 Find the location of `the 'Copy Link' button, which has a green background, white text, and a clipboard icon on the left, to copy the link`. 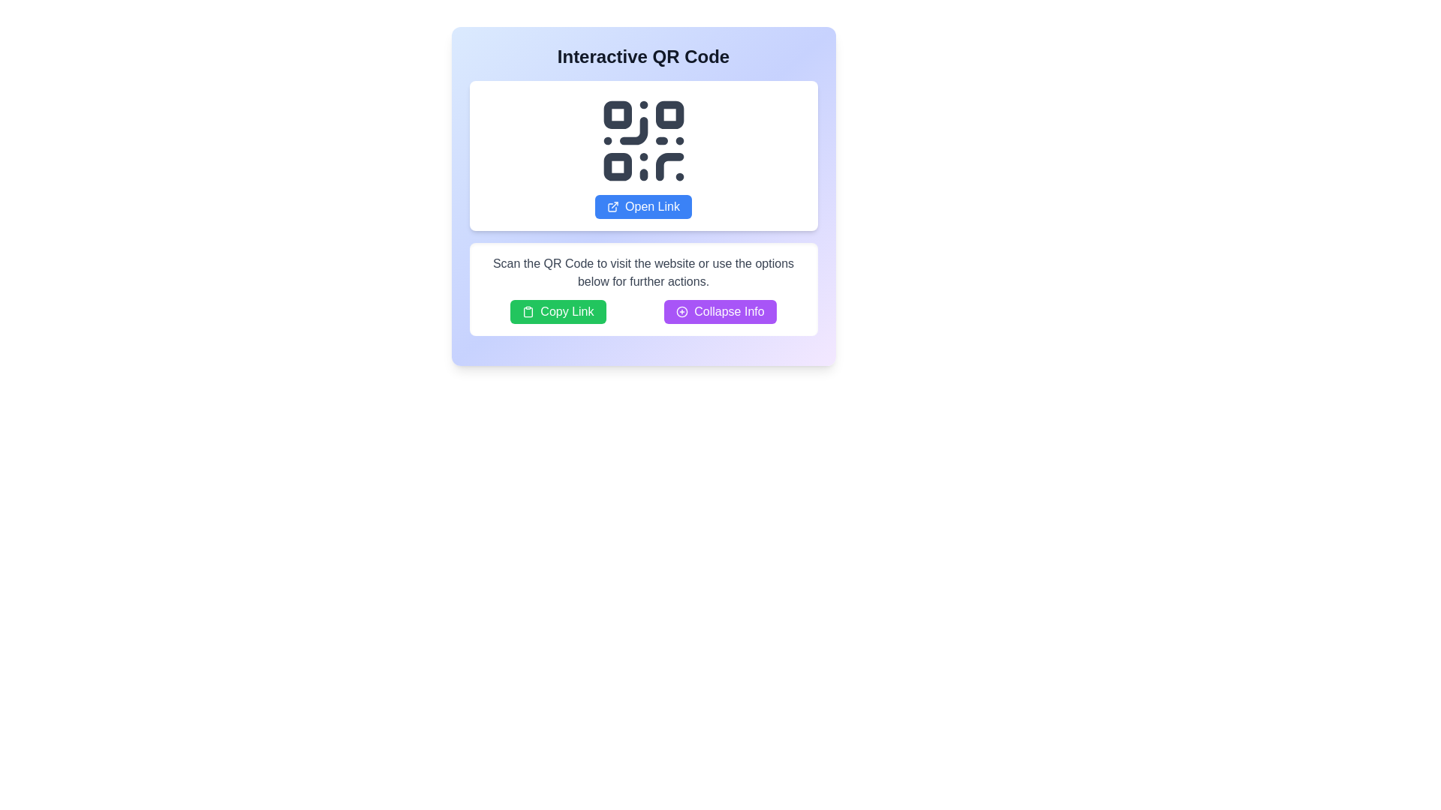

the 'Copy Link' button, which has a green background, white text, and a clipboard icon on the left, to copy the link is located at coordinates (558, 311).